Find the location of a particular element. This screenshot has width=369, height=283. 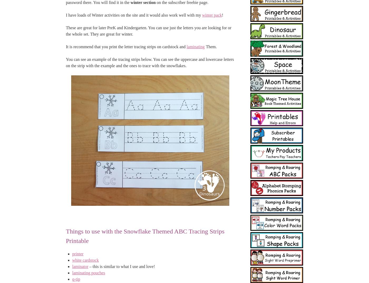

'laminating pouches' is located at coordinates (89, 273).